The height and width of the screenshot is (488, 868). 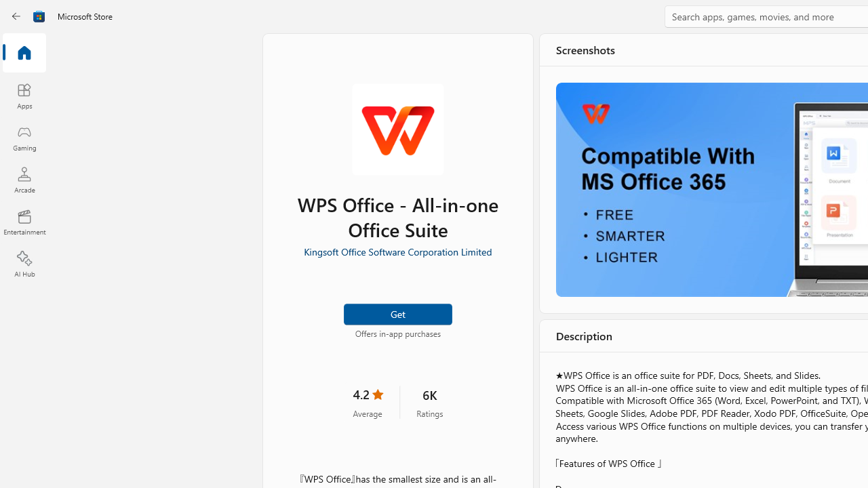 What do you see at coordinates (397, 314) in the screenshot?
I see `'Get'` at bounding box center [397, 314].